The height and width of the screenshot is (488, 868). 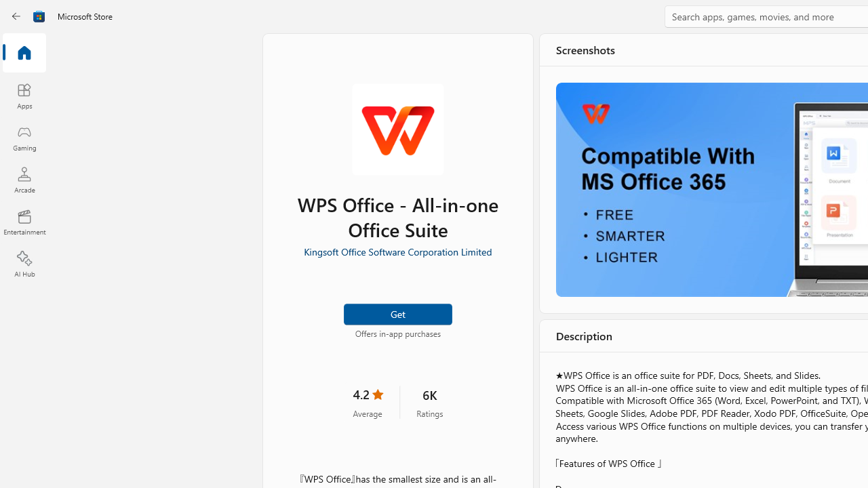 What do you see at coordinates (397, 314) in the screenshot?
I see `'Get'` at bounding box center [397, 314].